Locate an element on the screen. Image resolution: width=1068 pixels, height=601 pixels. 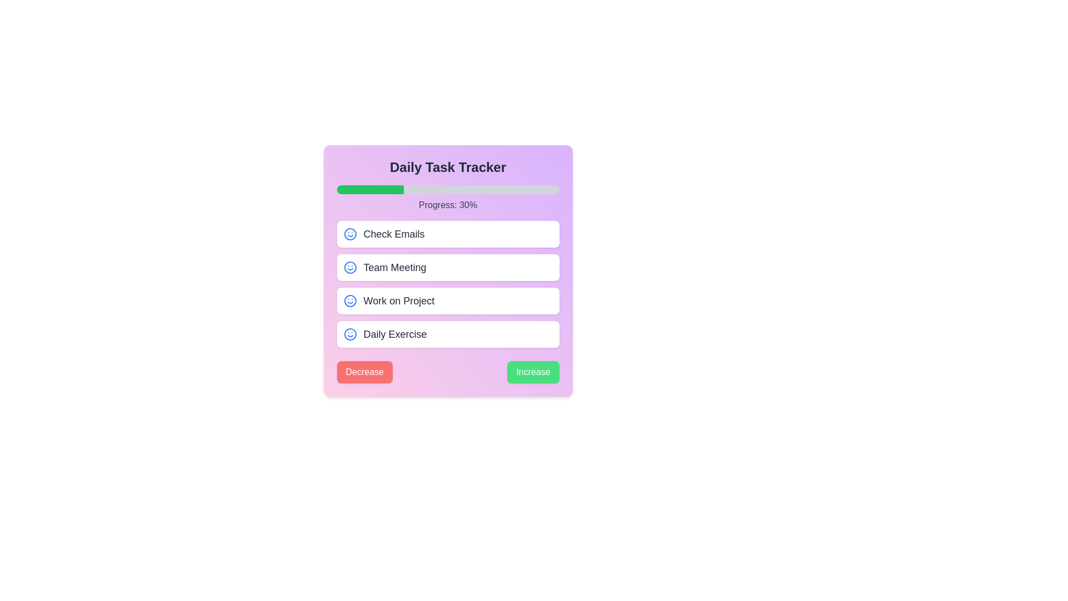
the text label displaying 'Work on Project', which is the third item in a vertical list and has a bold, dark gray font on a white background is located at coordinates (399, 300).